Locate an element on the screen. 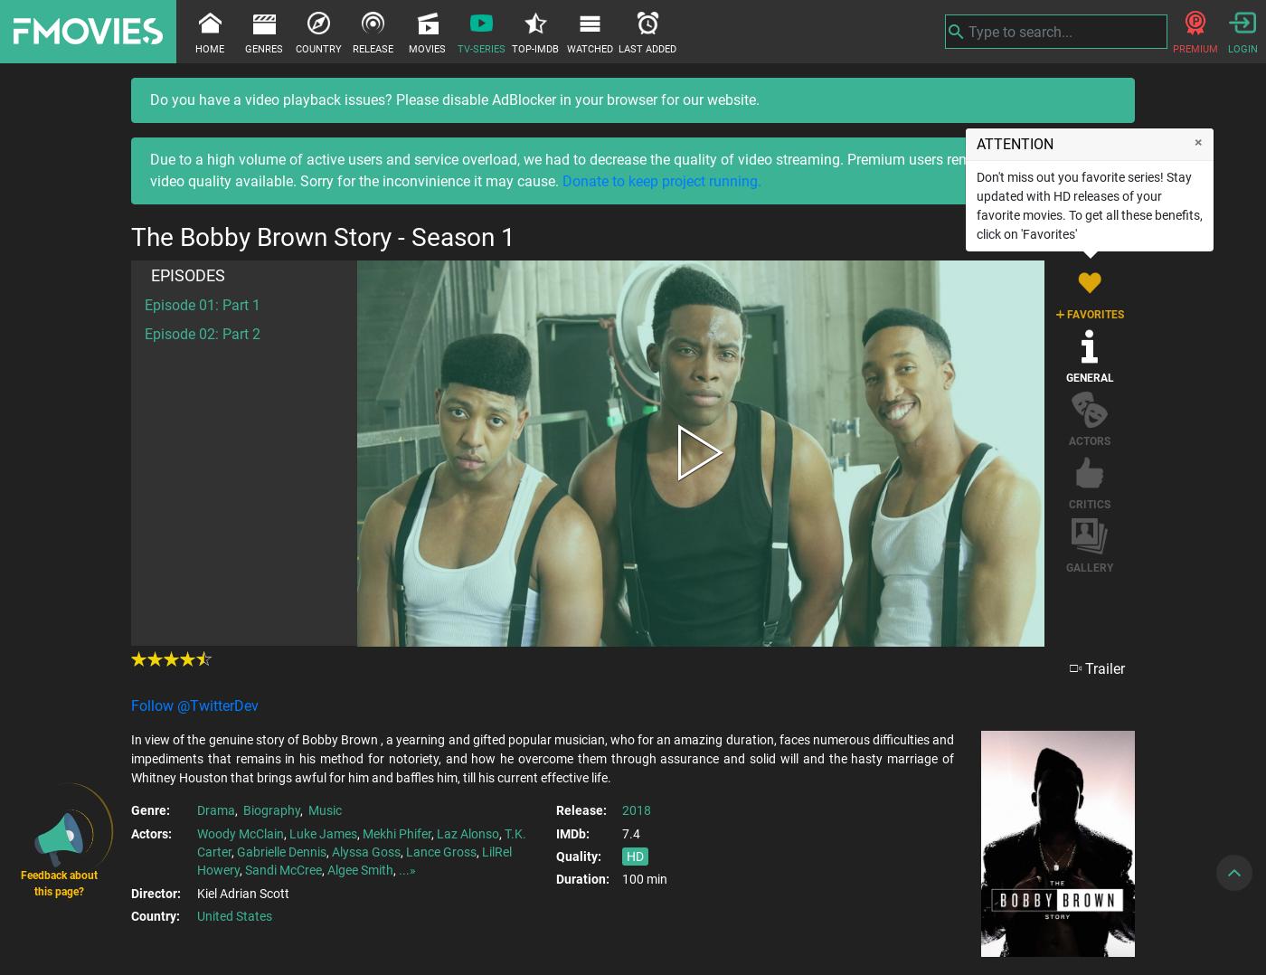  'LOGIN' is located at coordinates (1227, 49).